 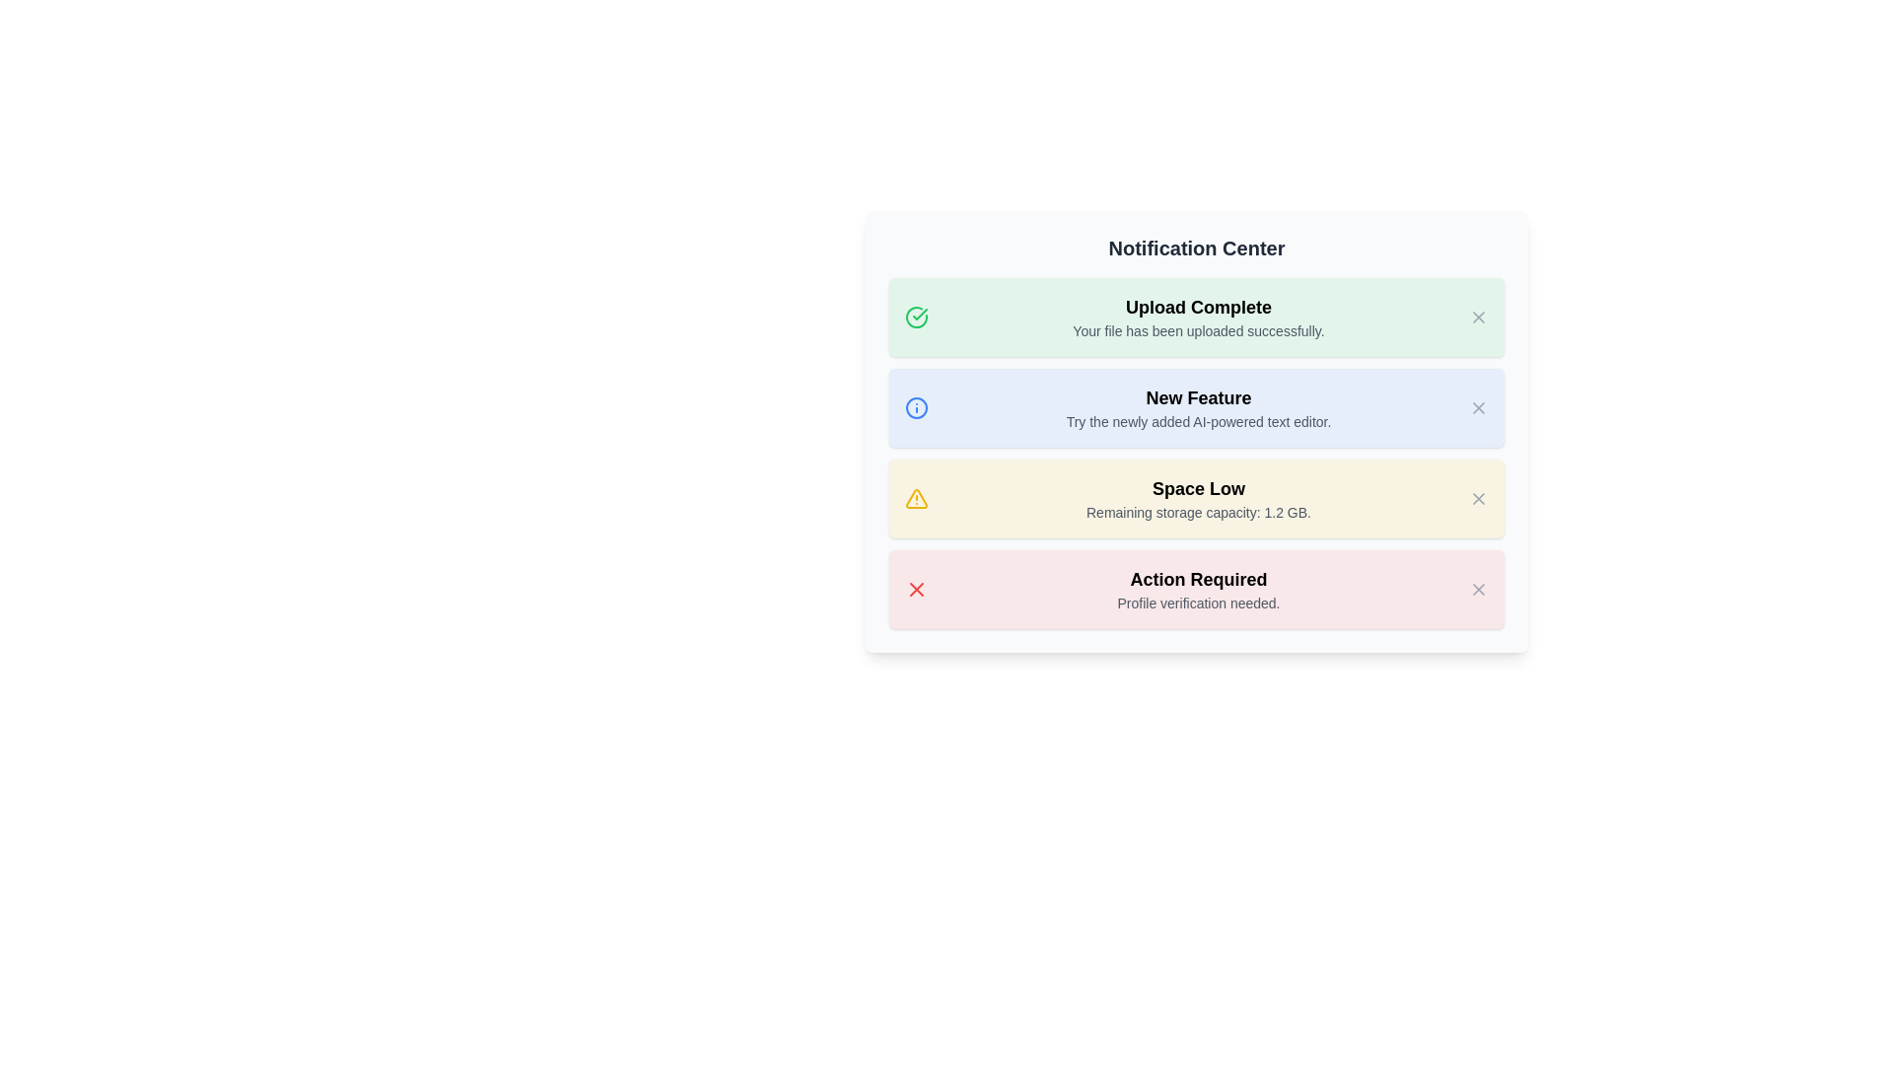 What do you see at coordinates (1197, 398) in the screenshot?
I see `the Title/Header text located at the top of the blue notification box in the 'Notification Center' interface` at bounding box center [1197, 398].